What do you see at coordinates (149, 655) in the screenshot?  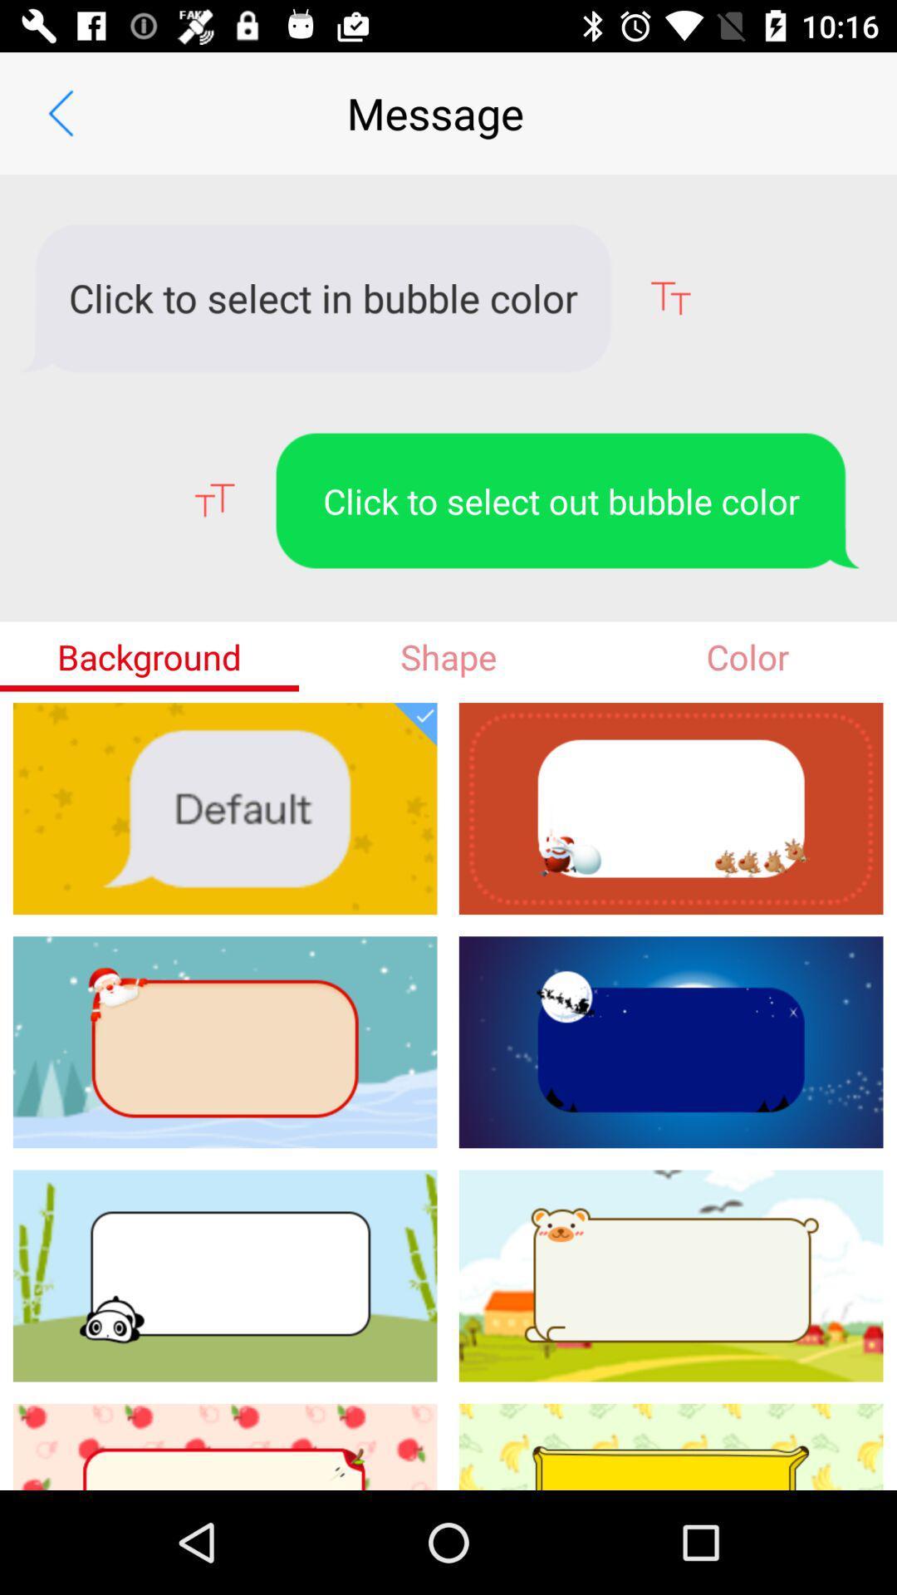 I see `the background icon` at bounding box center [149, 655].